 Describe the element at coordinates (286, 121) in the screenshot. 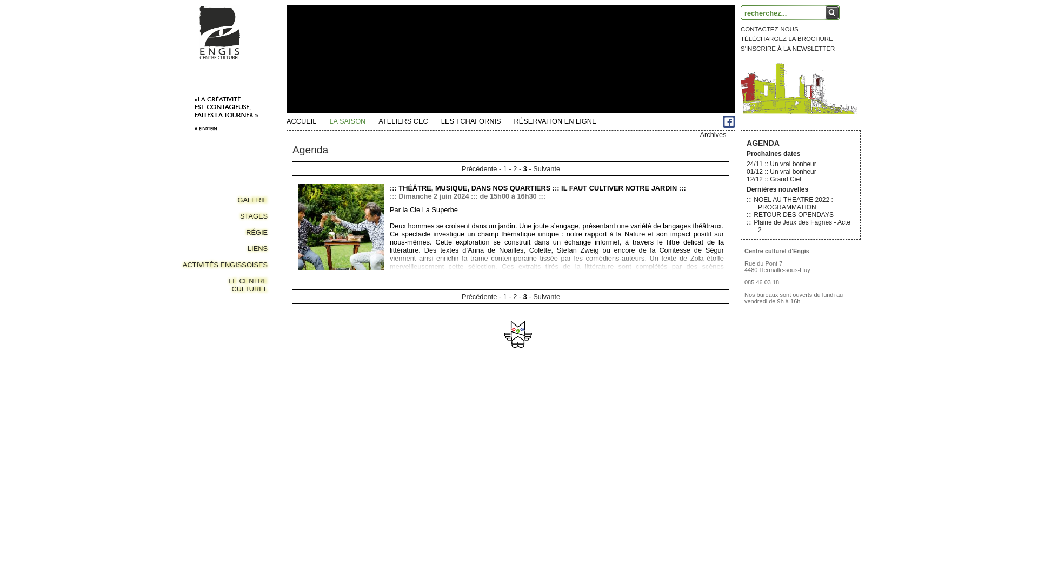

I see `'ACCUEIL'` at that location.